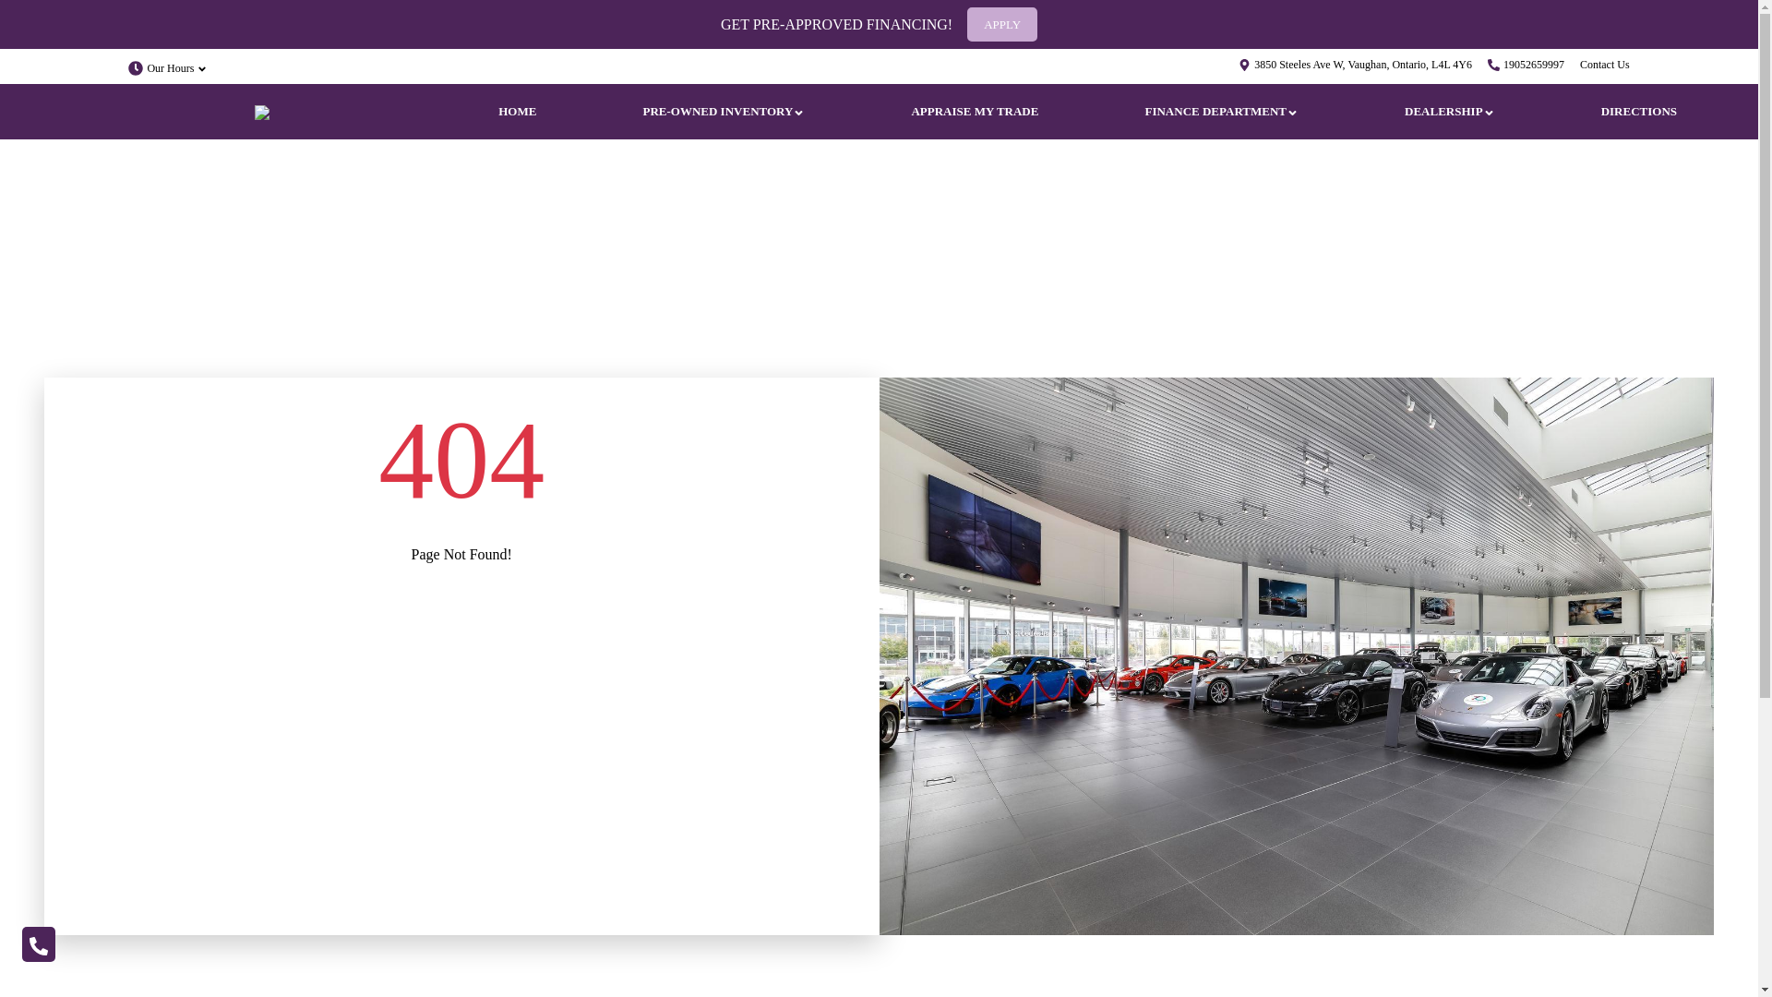  Describe the element at coordinates (1129, 111) in the screenshot. I see `'FINANCE DEPARTMENT'` at that location.